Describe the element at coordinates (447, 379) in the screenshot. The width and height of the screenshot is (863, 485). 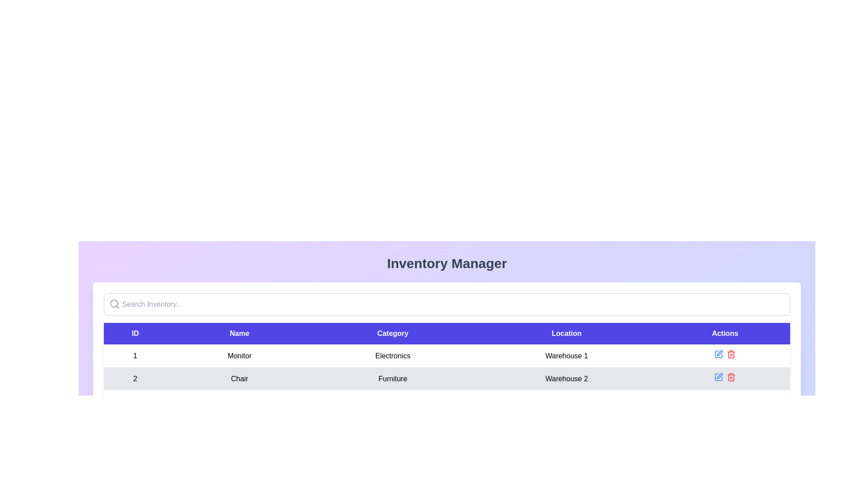
I see `displayed information from the second row of the data table that contains the item with ID '2', which includes the name 'Chair', category 'Furniture', and location 'Warehouse 2'` at that location.